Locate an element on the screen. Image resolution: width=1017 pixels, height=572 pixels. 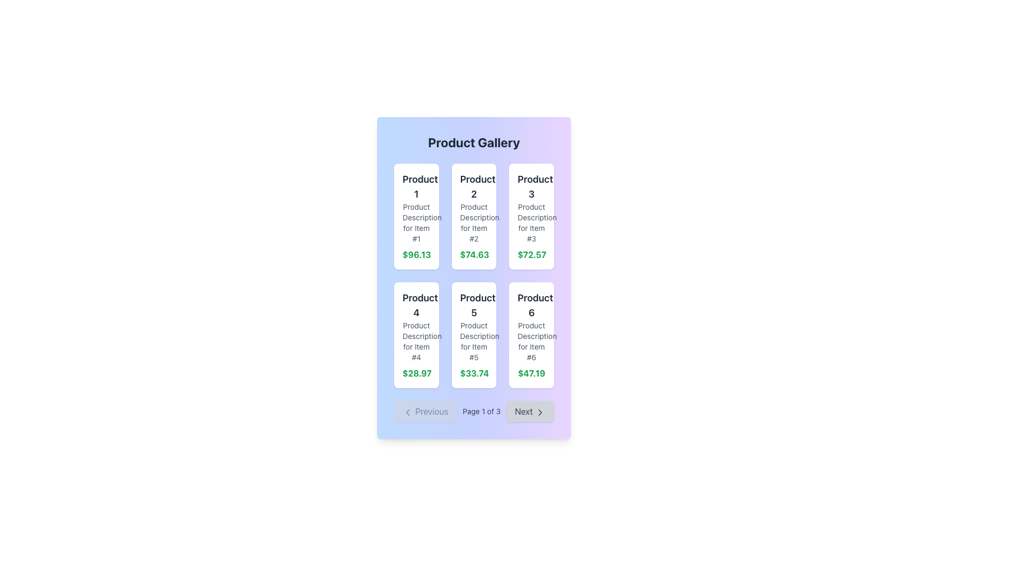
the bold header text labeled 'Product 5', which is the title of the product, centered at the top of its card is located at coordinates (473, 306).